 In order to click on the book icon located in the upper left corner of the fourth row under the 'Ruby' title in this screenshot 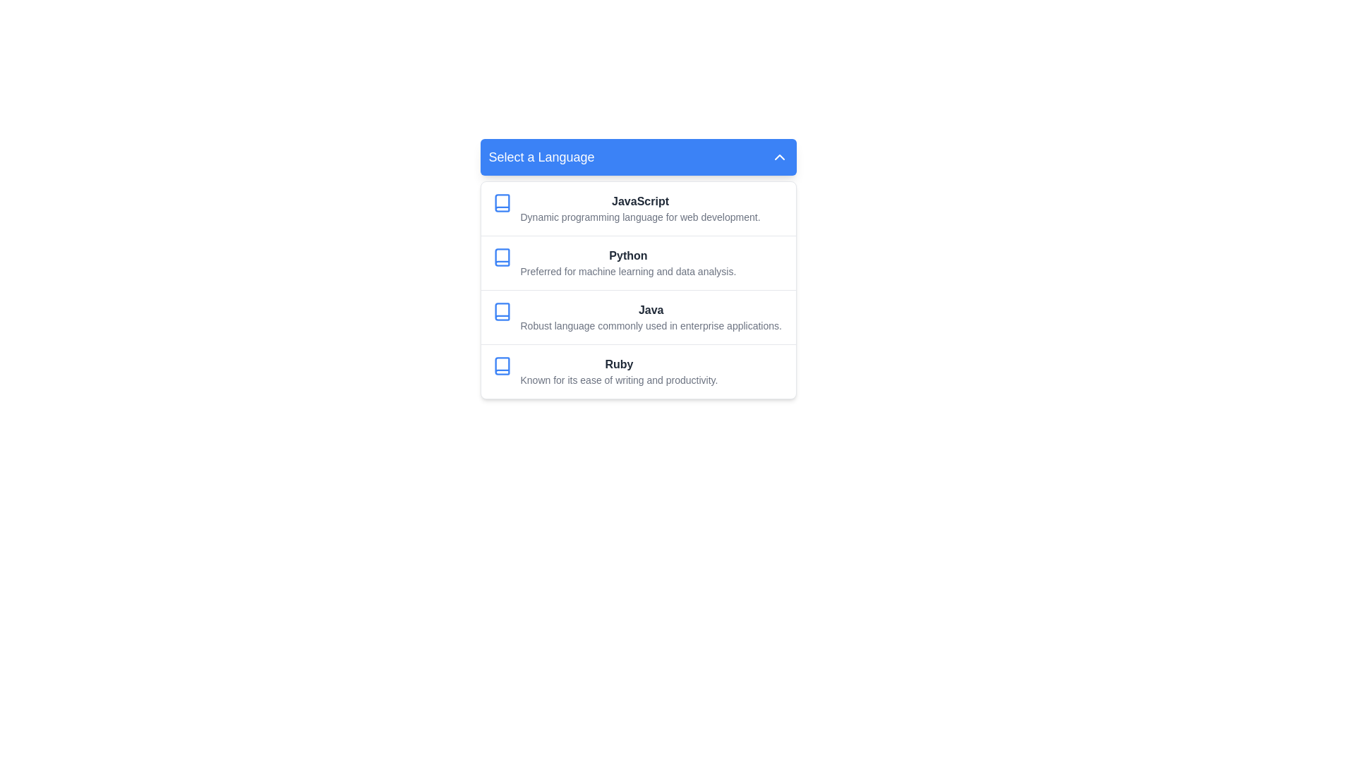, I will do `click(502, 365)`.